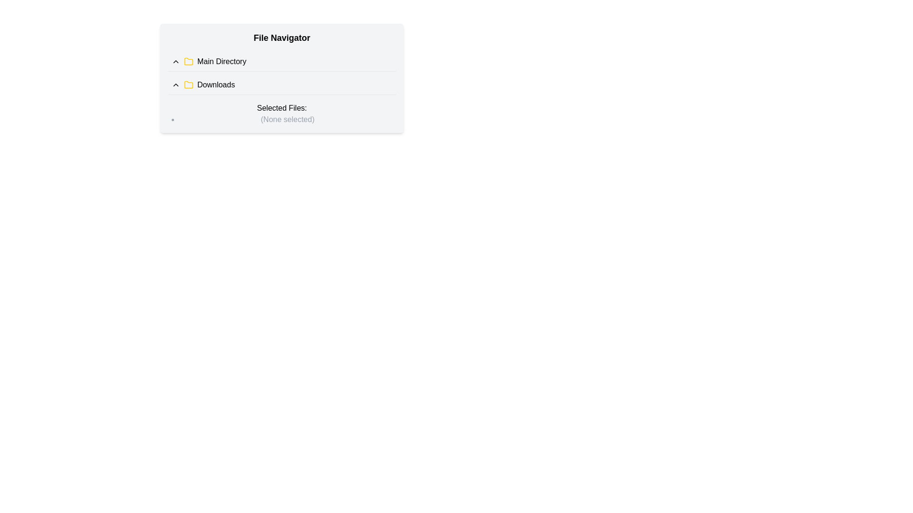 Image resolution: width=913 pixels, height=513 pixels. What do you see at coordinates (189, 84) in the screenshot?
I see `the yellow folder icon located to the left of the 'Downloads' text in the File Navigator interface` at bounding box center [189, 84].